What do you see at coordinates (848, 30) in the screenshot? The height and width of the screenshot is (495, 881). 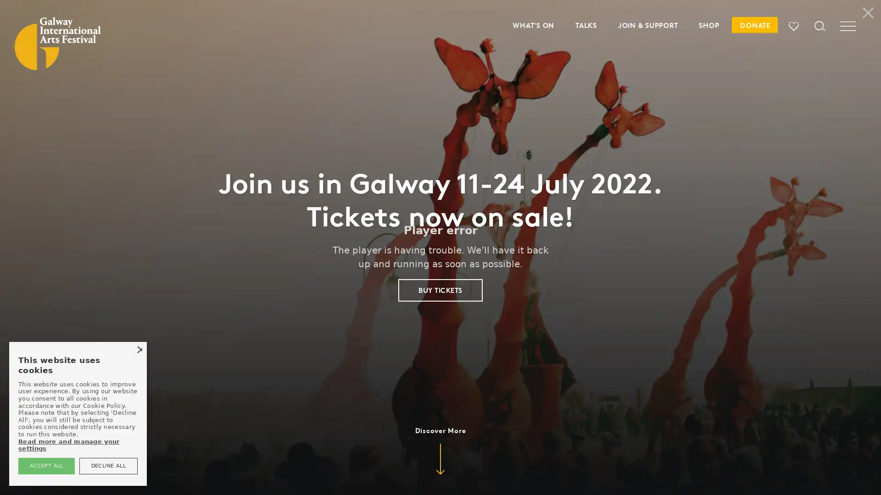 I see `Toggle navigation` at bounding box center [848, 30].